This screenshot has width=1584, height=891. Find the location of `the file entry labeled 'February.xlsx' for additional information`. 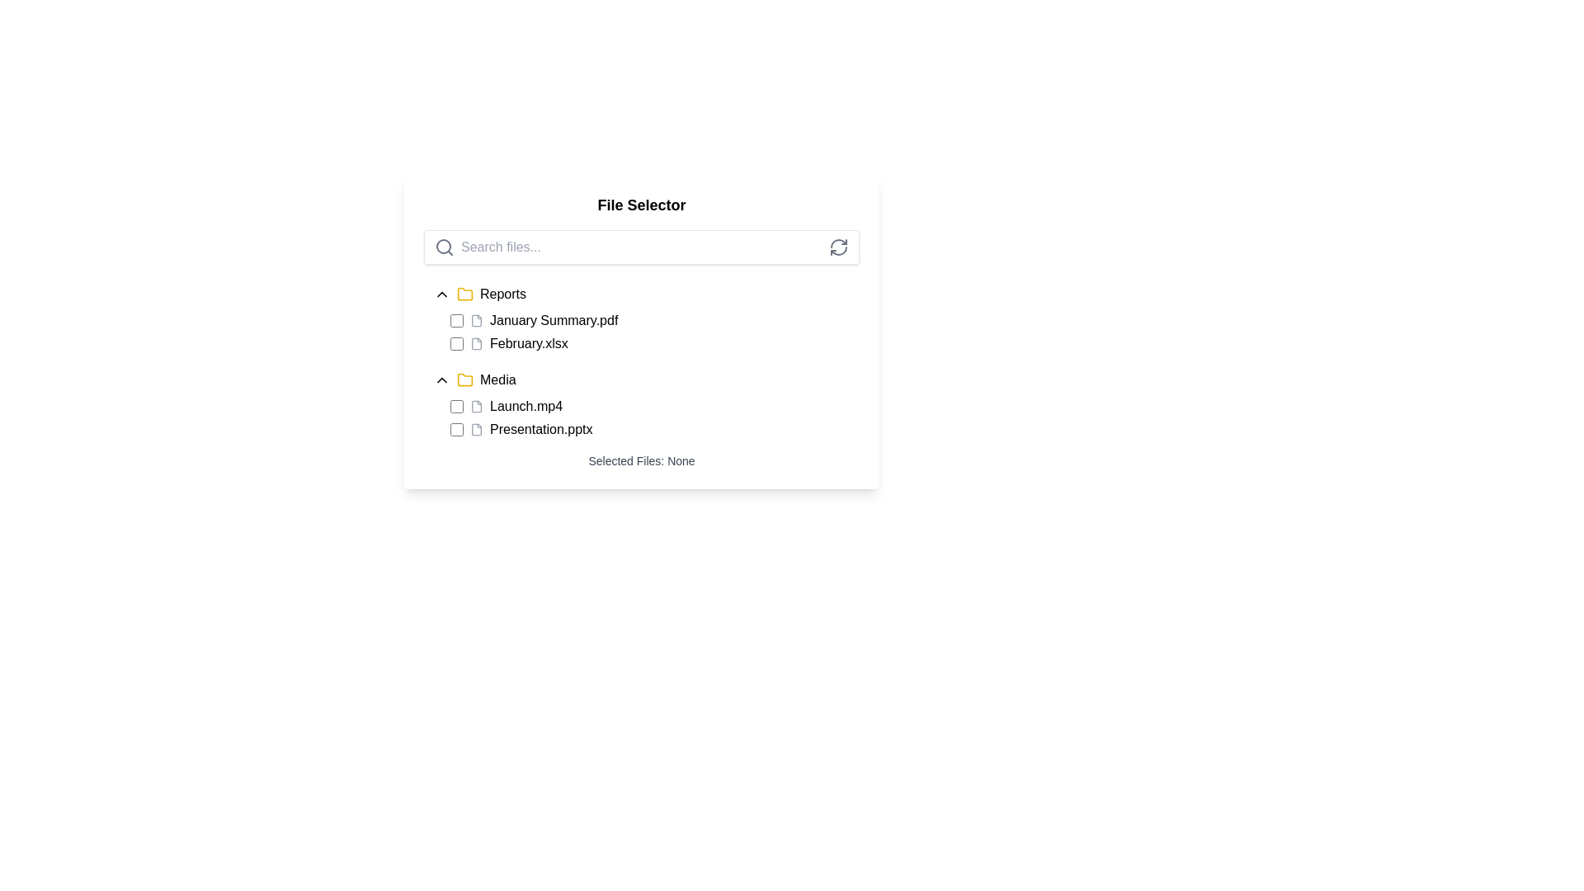

the file entry labeled 'February.xlsx' for additional information is located at coordinates (653, 342).